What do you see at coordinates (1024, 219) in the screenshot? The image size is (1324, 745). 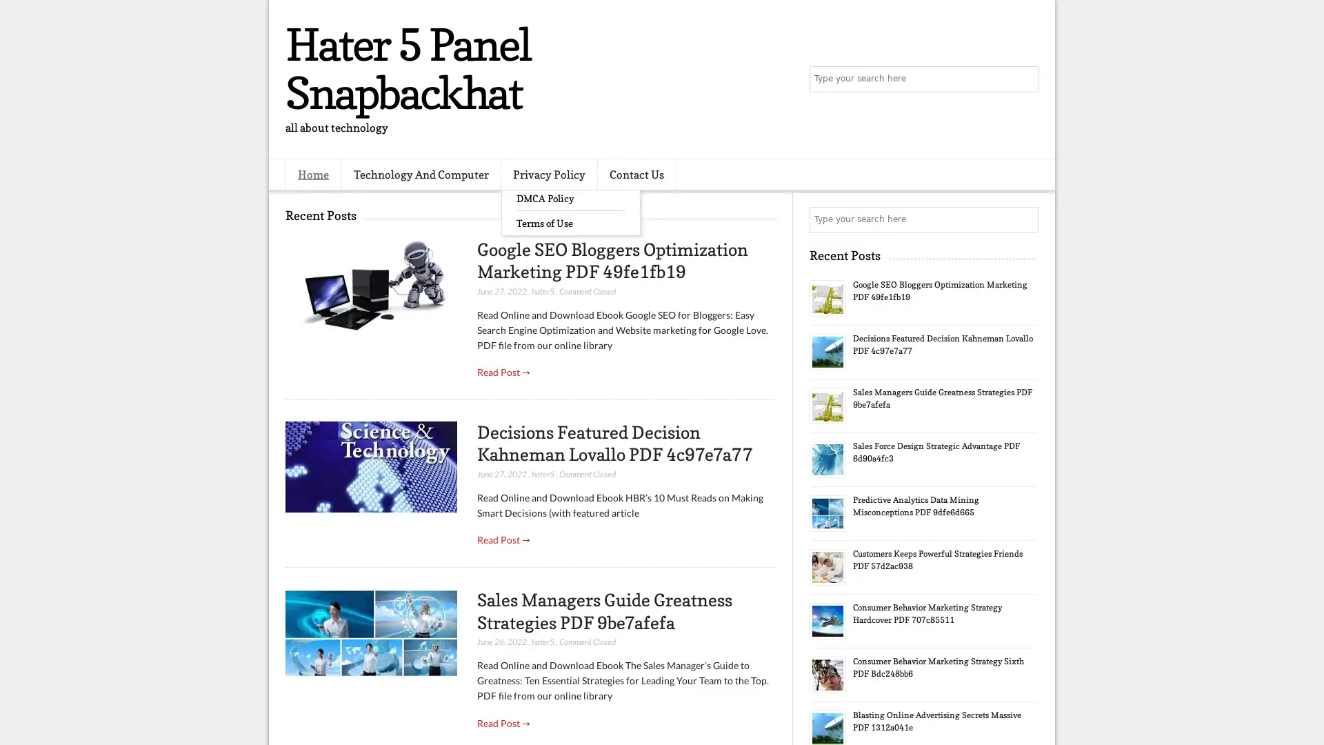 I see `Search` at bounding box center [1024, 219].